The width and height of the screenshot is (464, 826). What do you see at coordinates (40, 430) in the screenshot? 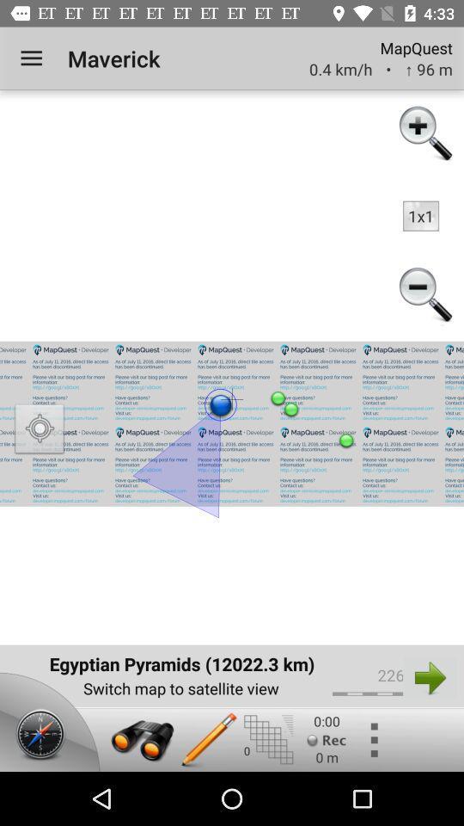
I see `the location_crosshair icon` at bounding box center [40, 430].